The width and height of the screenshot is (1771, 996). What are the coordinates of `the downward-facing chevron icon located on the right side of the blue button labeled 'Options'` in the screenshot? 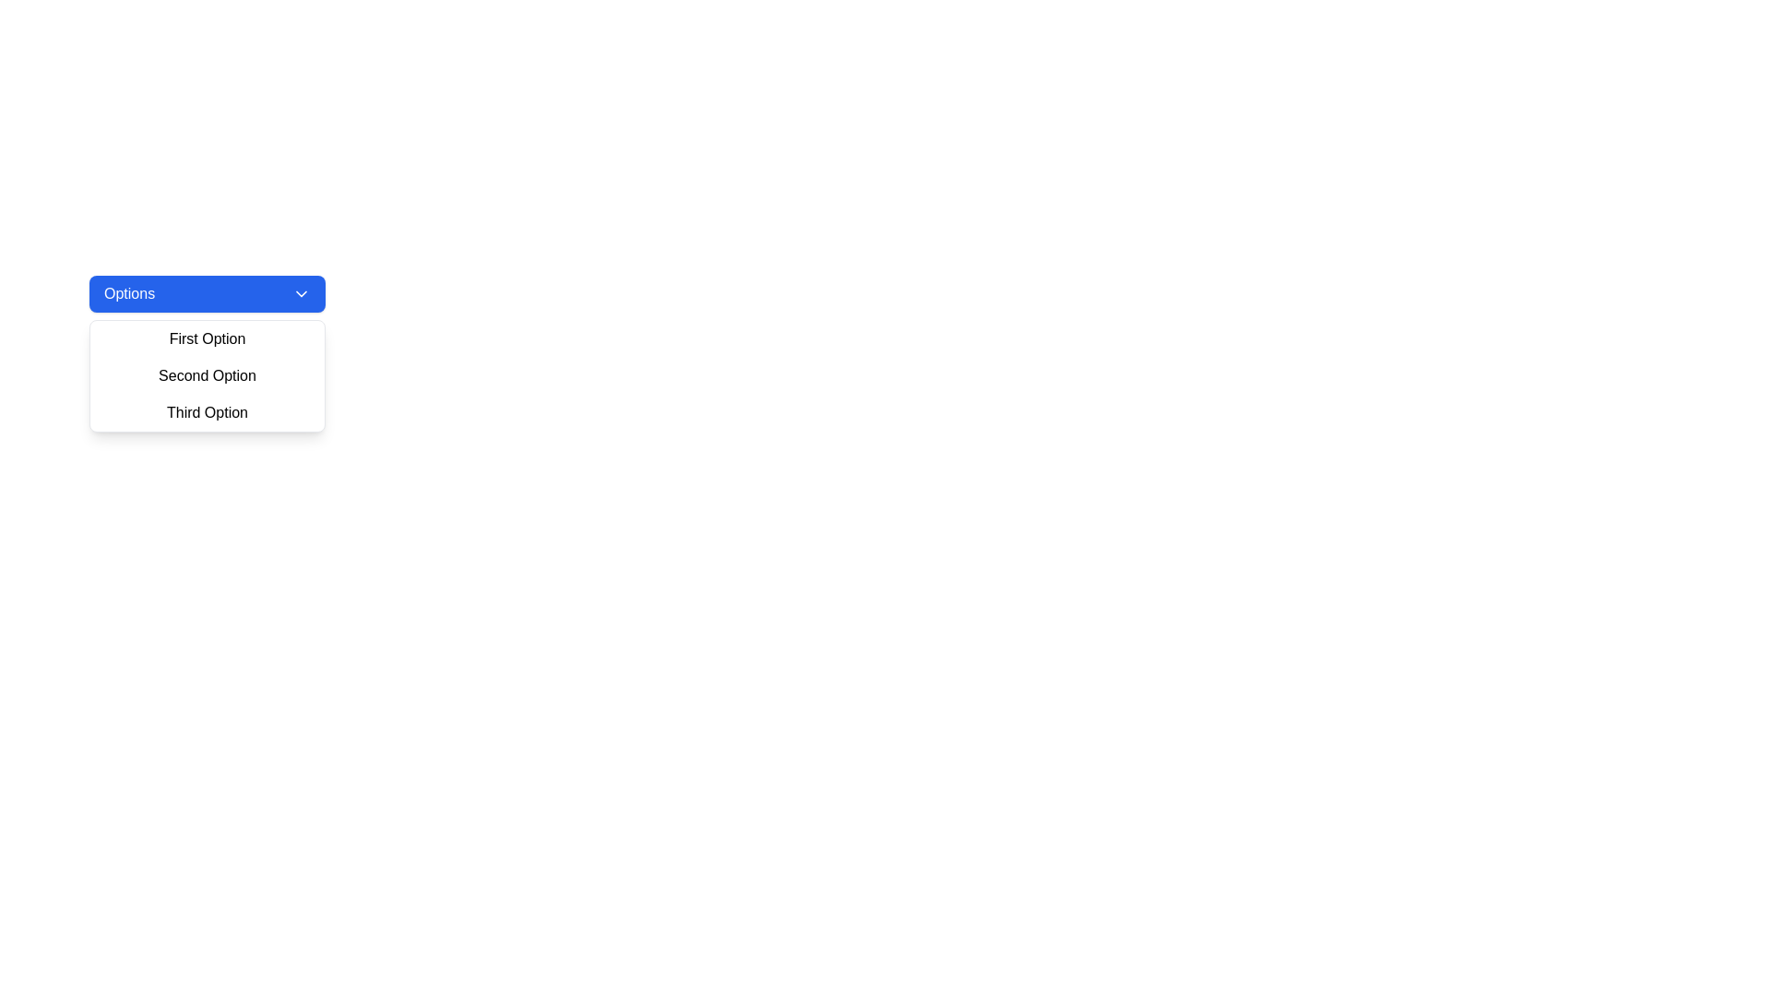 It's located at (301, 293).